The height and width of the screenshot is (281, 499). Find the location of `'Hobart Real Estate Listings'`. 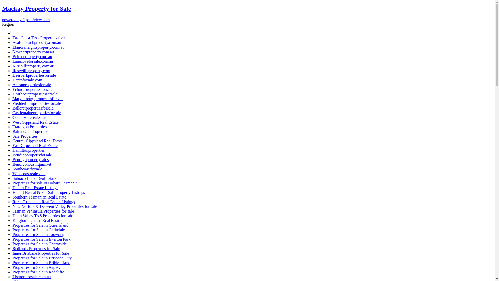

'Hobart Real Estate Listings' is located at coordinates (12, 188).